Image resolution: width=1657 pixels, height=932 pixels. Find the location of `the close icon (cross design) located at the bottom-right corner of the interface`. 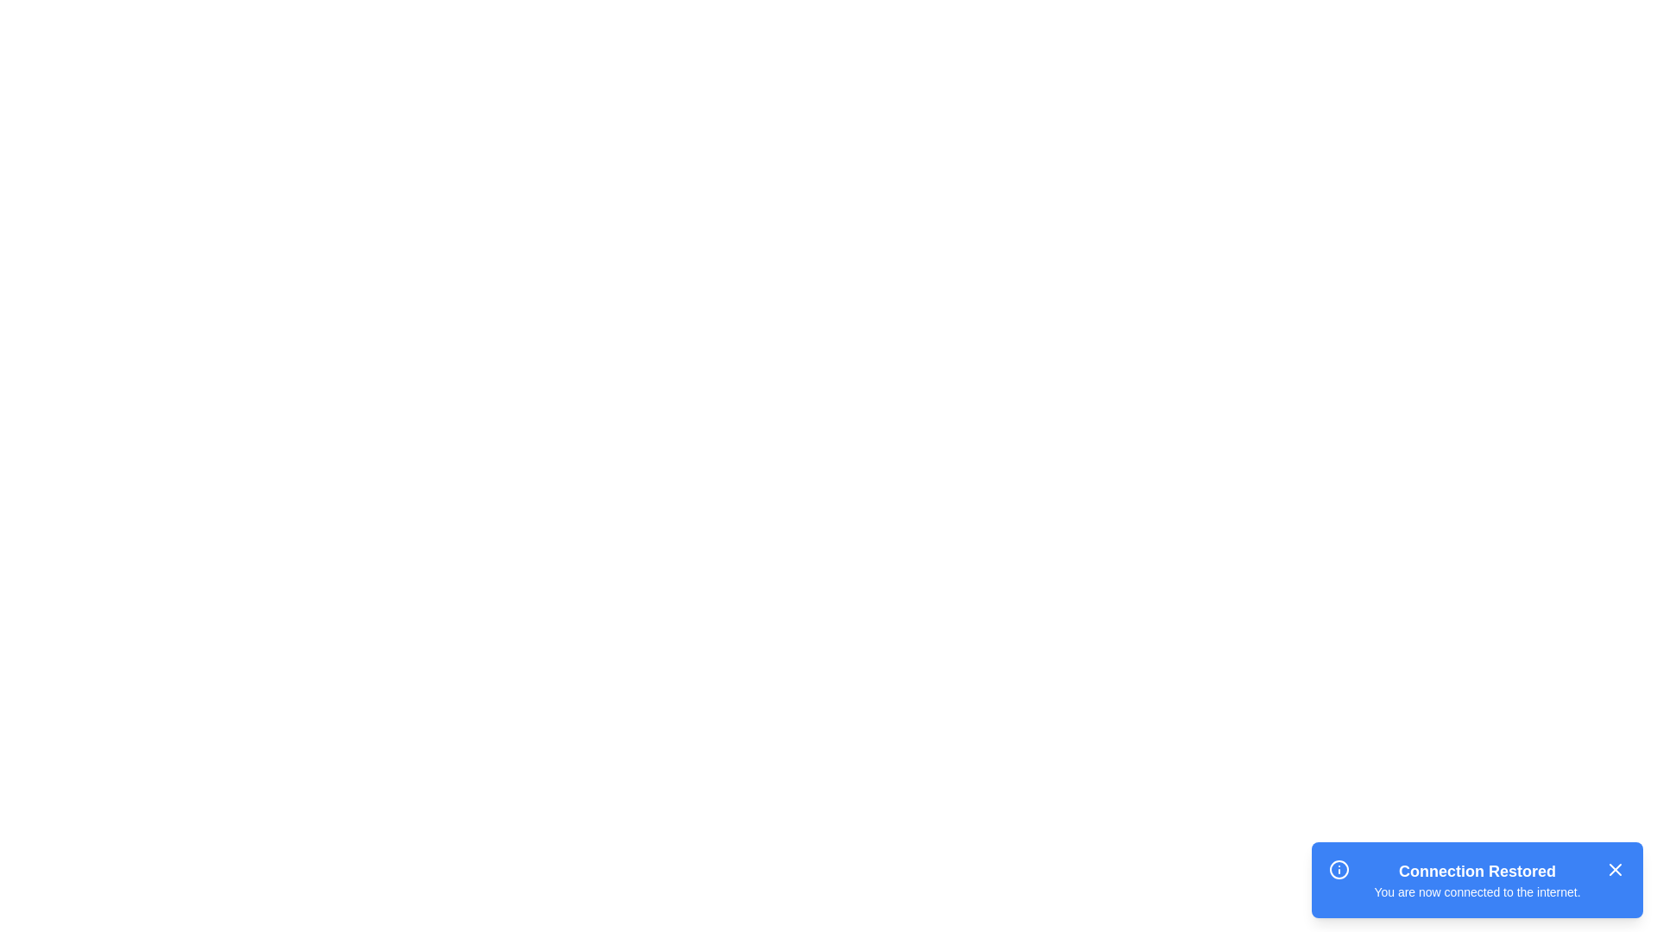

the close icon (cross design) located at the bottom-right corner of the interface is located at coordinates (1615, 869).